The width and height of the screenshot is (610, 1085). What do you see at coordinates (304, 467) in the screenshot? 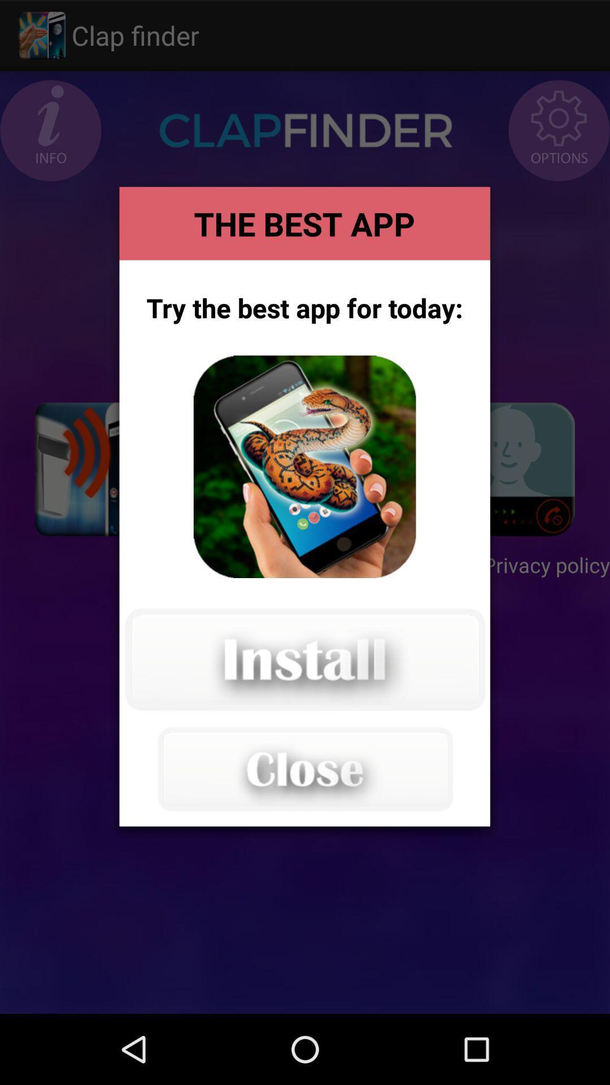
I see `install app` at bounding box center [304, 467].